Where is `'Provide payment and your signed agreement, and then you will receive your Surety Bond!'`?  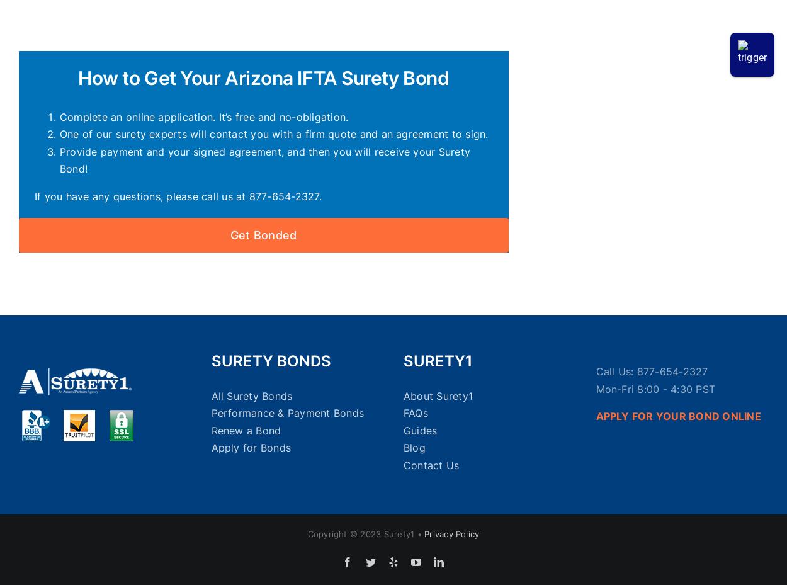 'Provide payment and your signed agreement, and then you will receive your Surety Bond!' is located at coordinates (59, 159).